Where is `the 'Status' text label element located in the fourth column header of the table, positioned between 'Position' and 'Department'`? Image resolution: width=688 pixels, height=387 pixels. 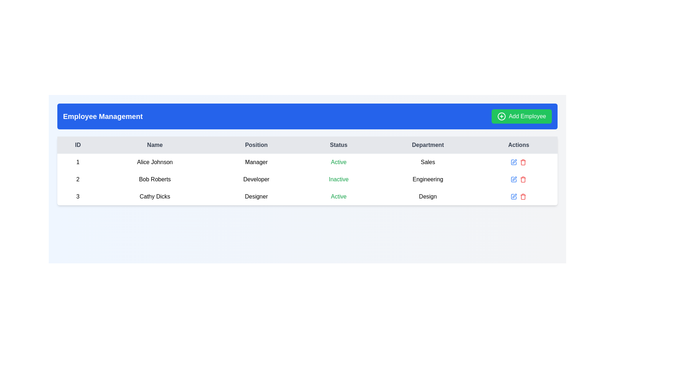 the 'Status' text label element located in the fourth column header of the table, positioned between 'Position' and 'Department' is located at coordinates (338, 145).